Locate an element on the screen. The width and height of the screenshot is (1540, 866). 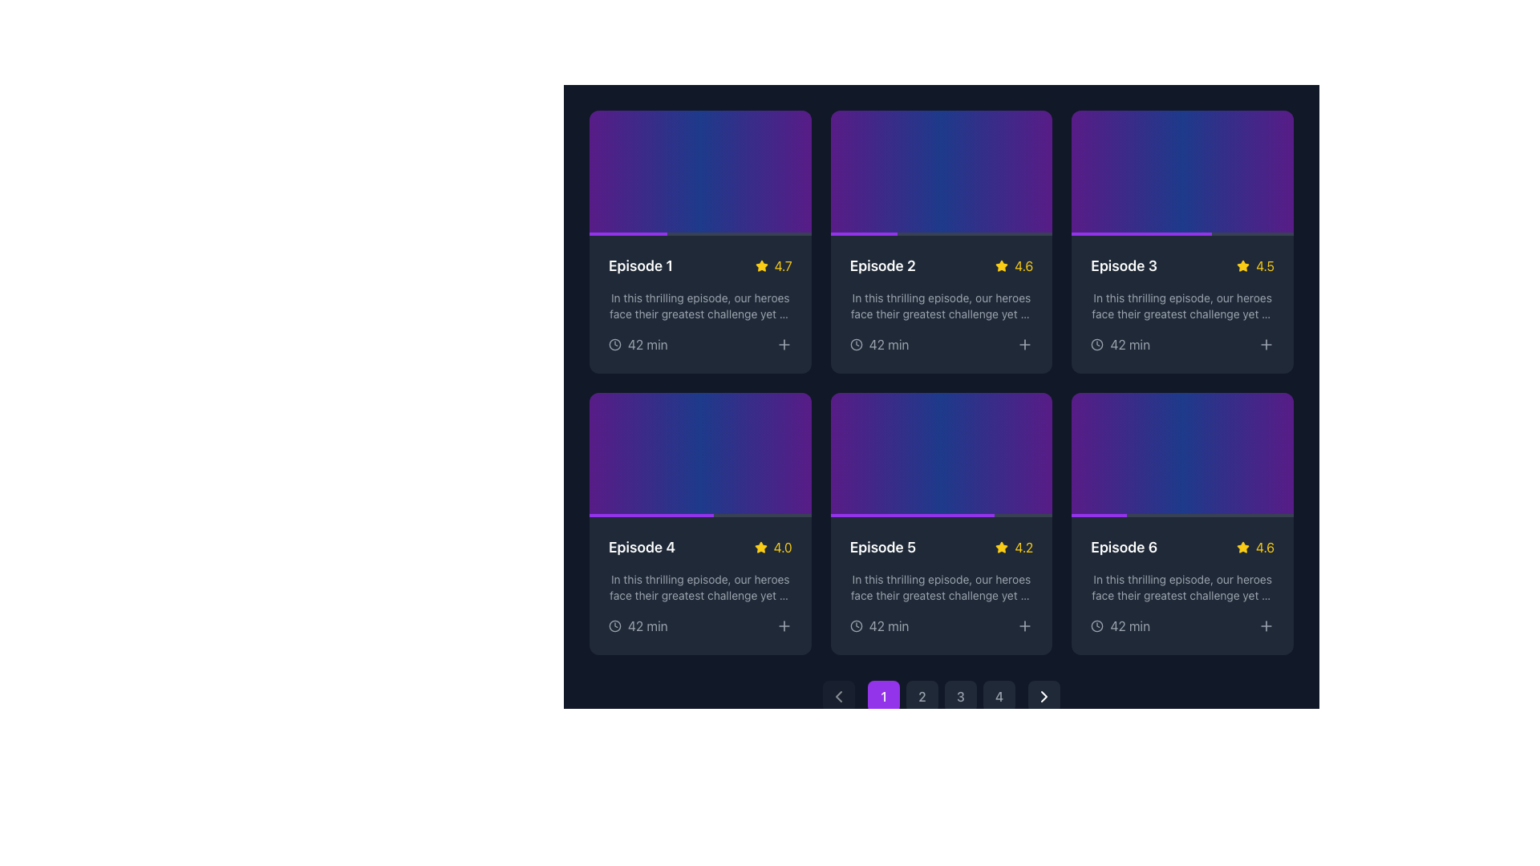
the progress visually by focusing on the progress bar located at the bottom of the fourth episode card in the second row of the grid layout is located at coordinates (700, 516).